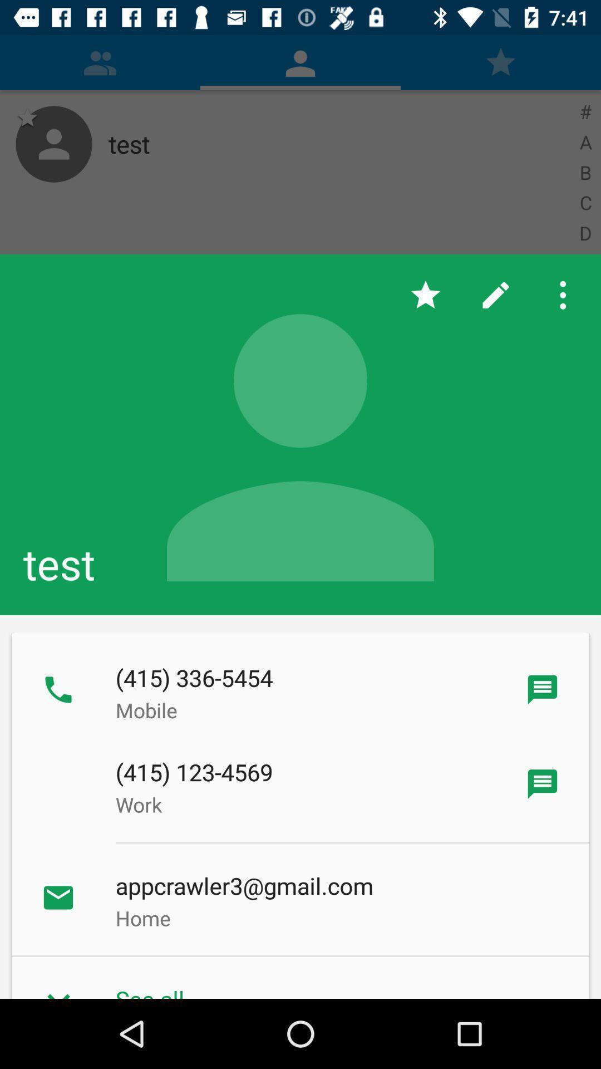  Describe the element at coordinates (495, 295) in the screenshot. I see `the item above test item` at that location.